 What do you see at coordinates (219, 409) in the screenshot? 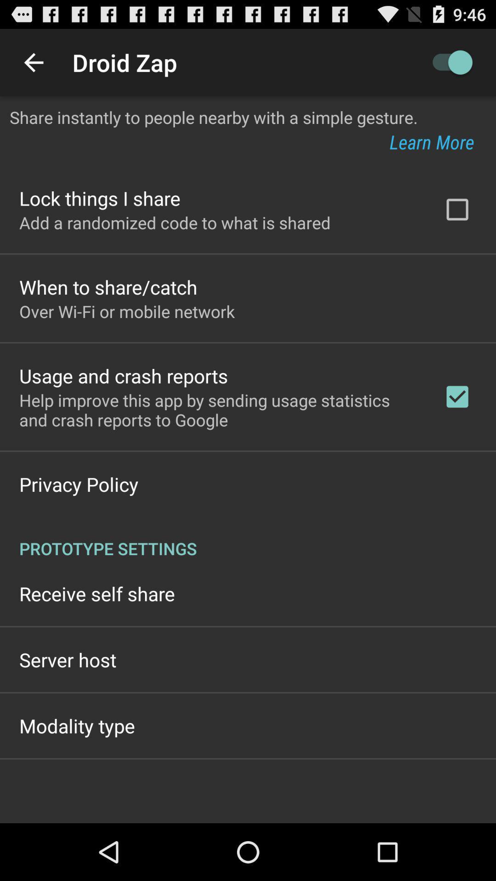
I see `the item above privacy policy icon` at bounding box center [219, 409].